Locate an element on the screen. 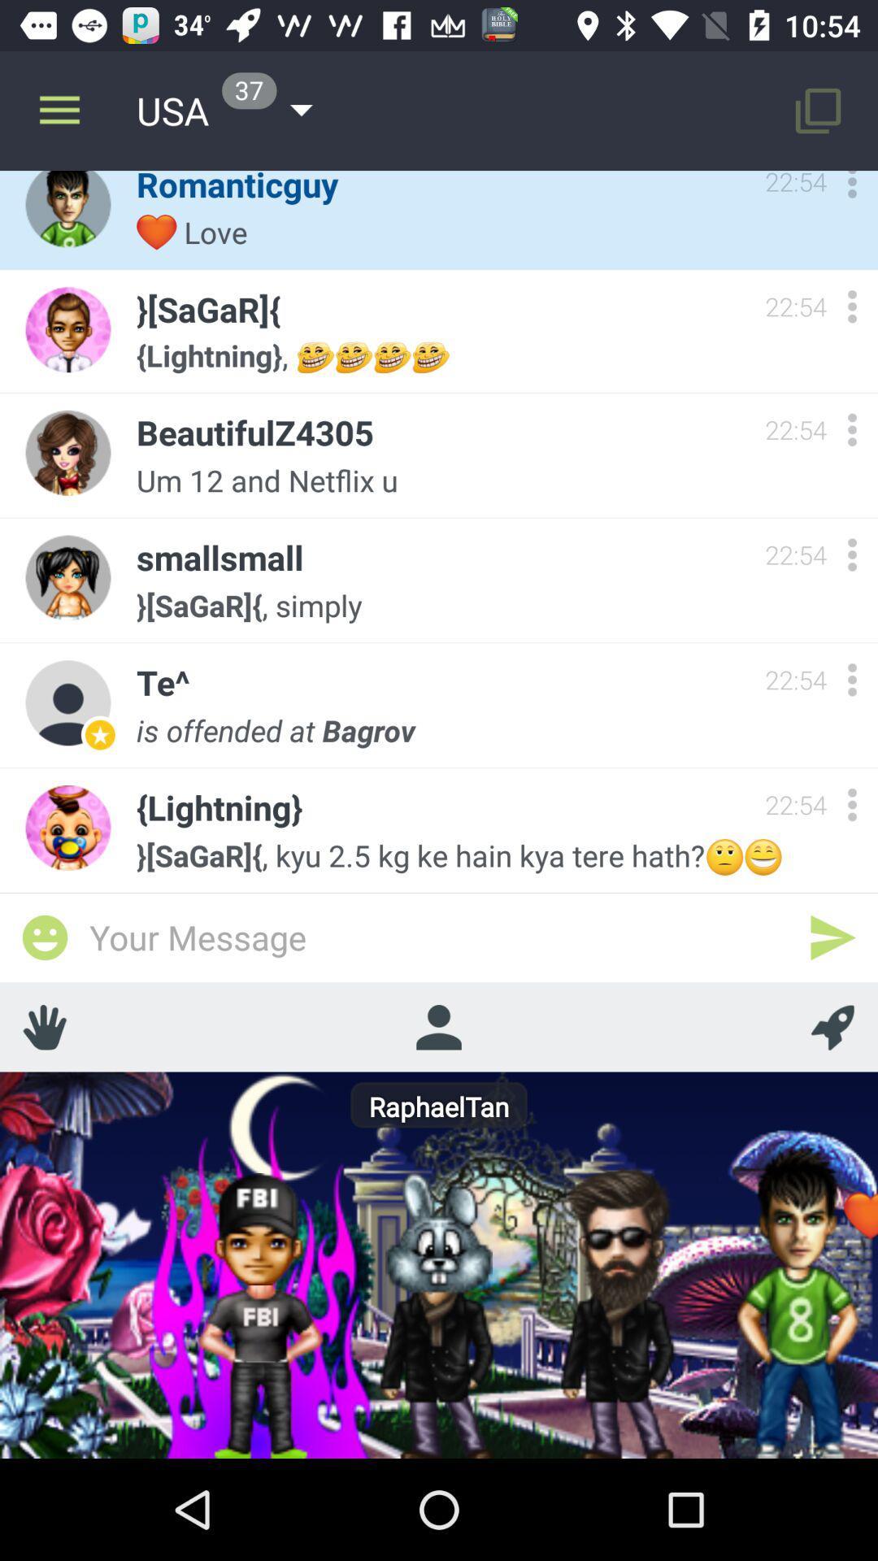 The image size is (878, 1561). see more details for te^ is located at coordinates (851, 680).